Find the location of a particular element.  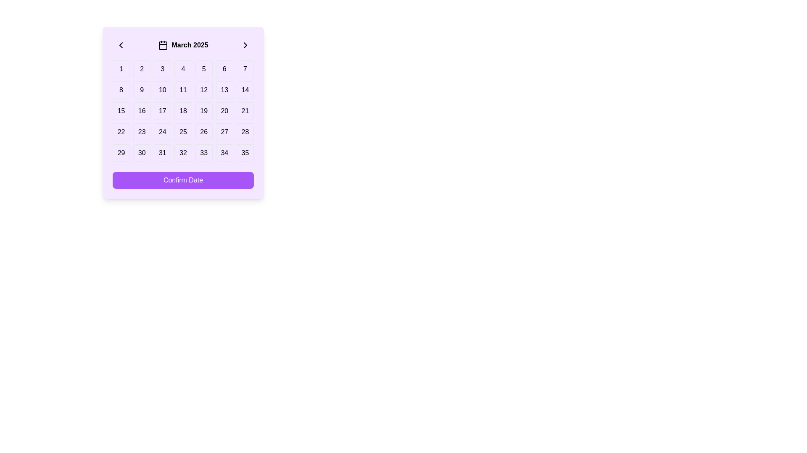

the selectable day representation for the 15th day in the calendar interface is located at coordinates (121, 111).